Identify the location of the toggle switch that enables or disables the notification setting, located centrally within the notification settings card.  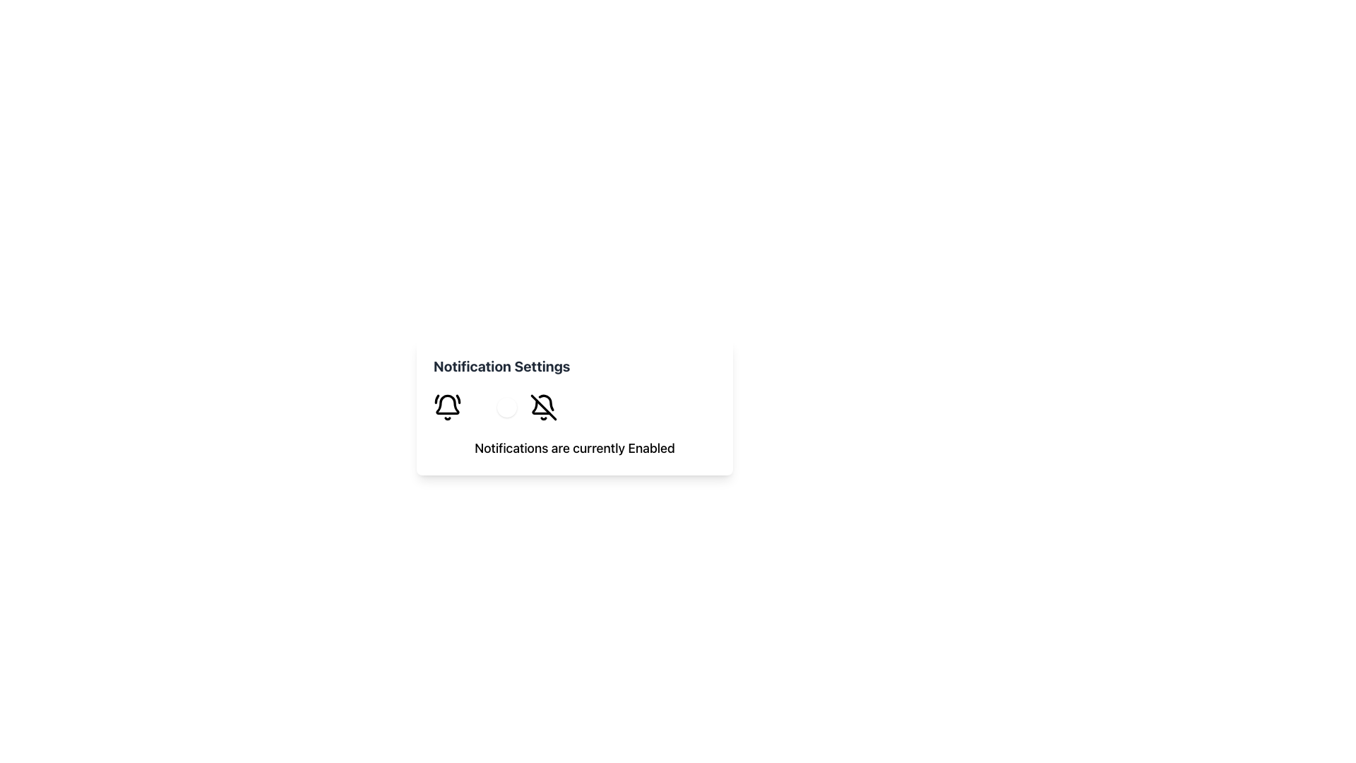
(495, 408).